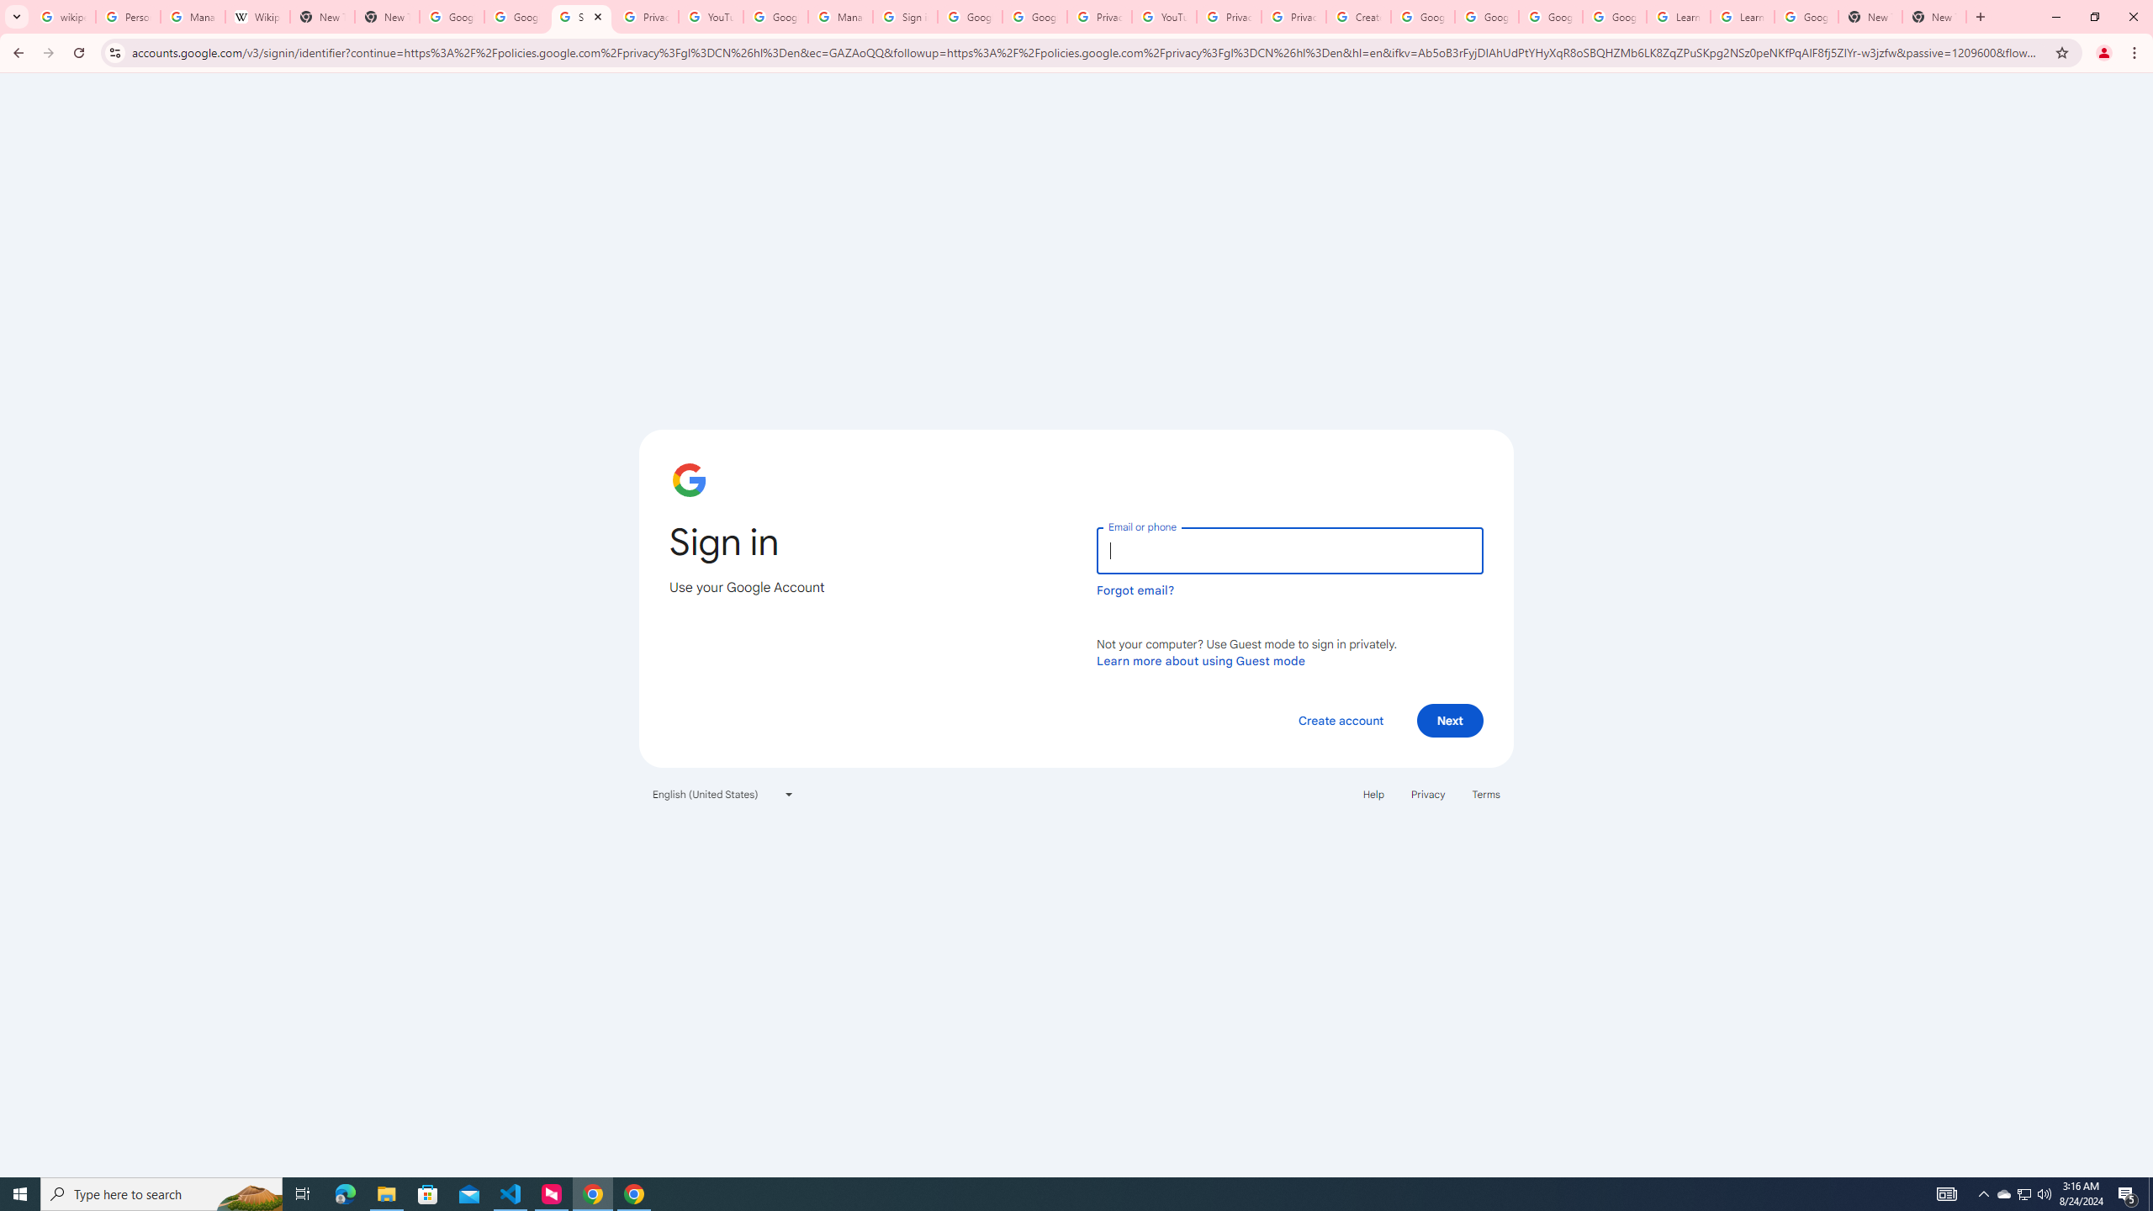 The width and height of the screenshot is (2153, 1211). I want to click on 'Email or phone', so click(1288, 550).